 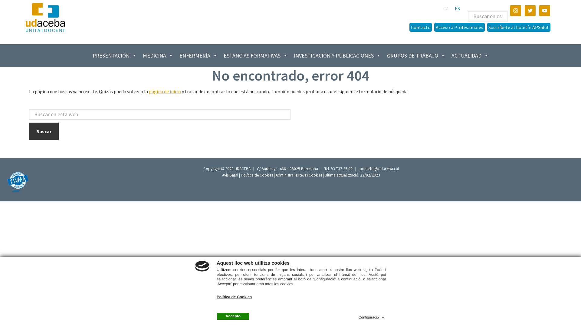 I want to click on 'Udaceba', so click(x=45, y=17).